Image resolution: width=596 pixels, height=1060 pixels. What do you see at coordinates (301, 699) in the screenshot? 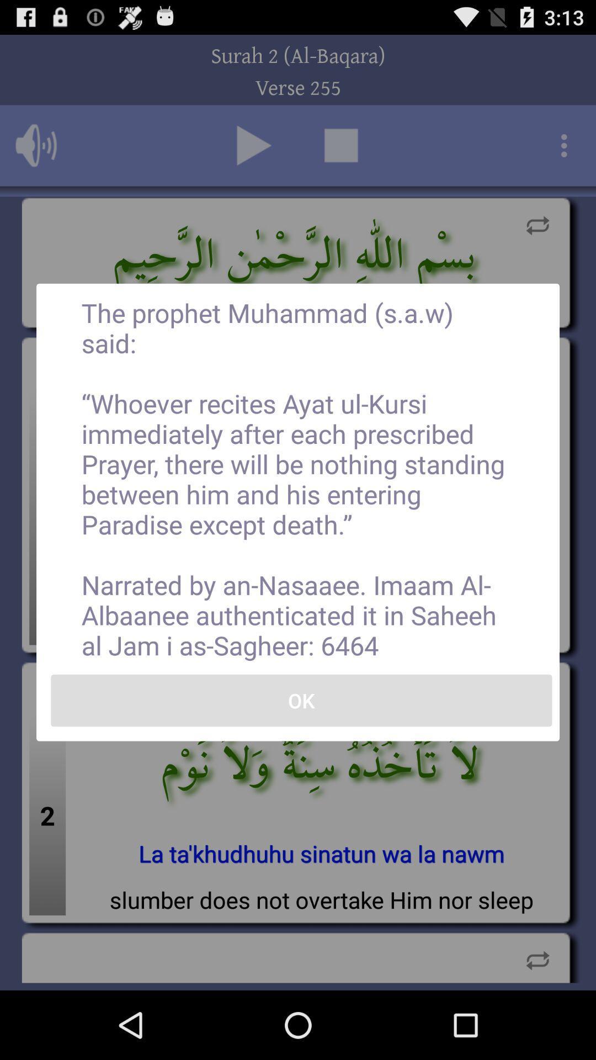
I see `ok item` at bounding box center [301, 699].